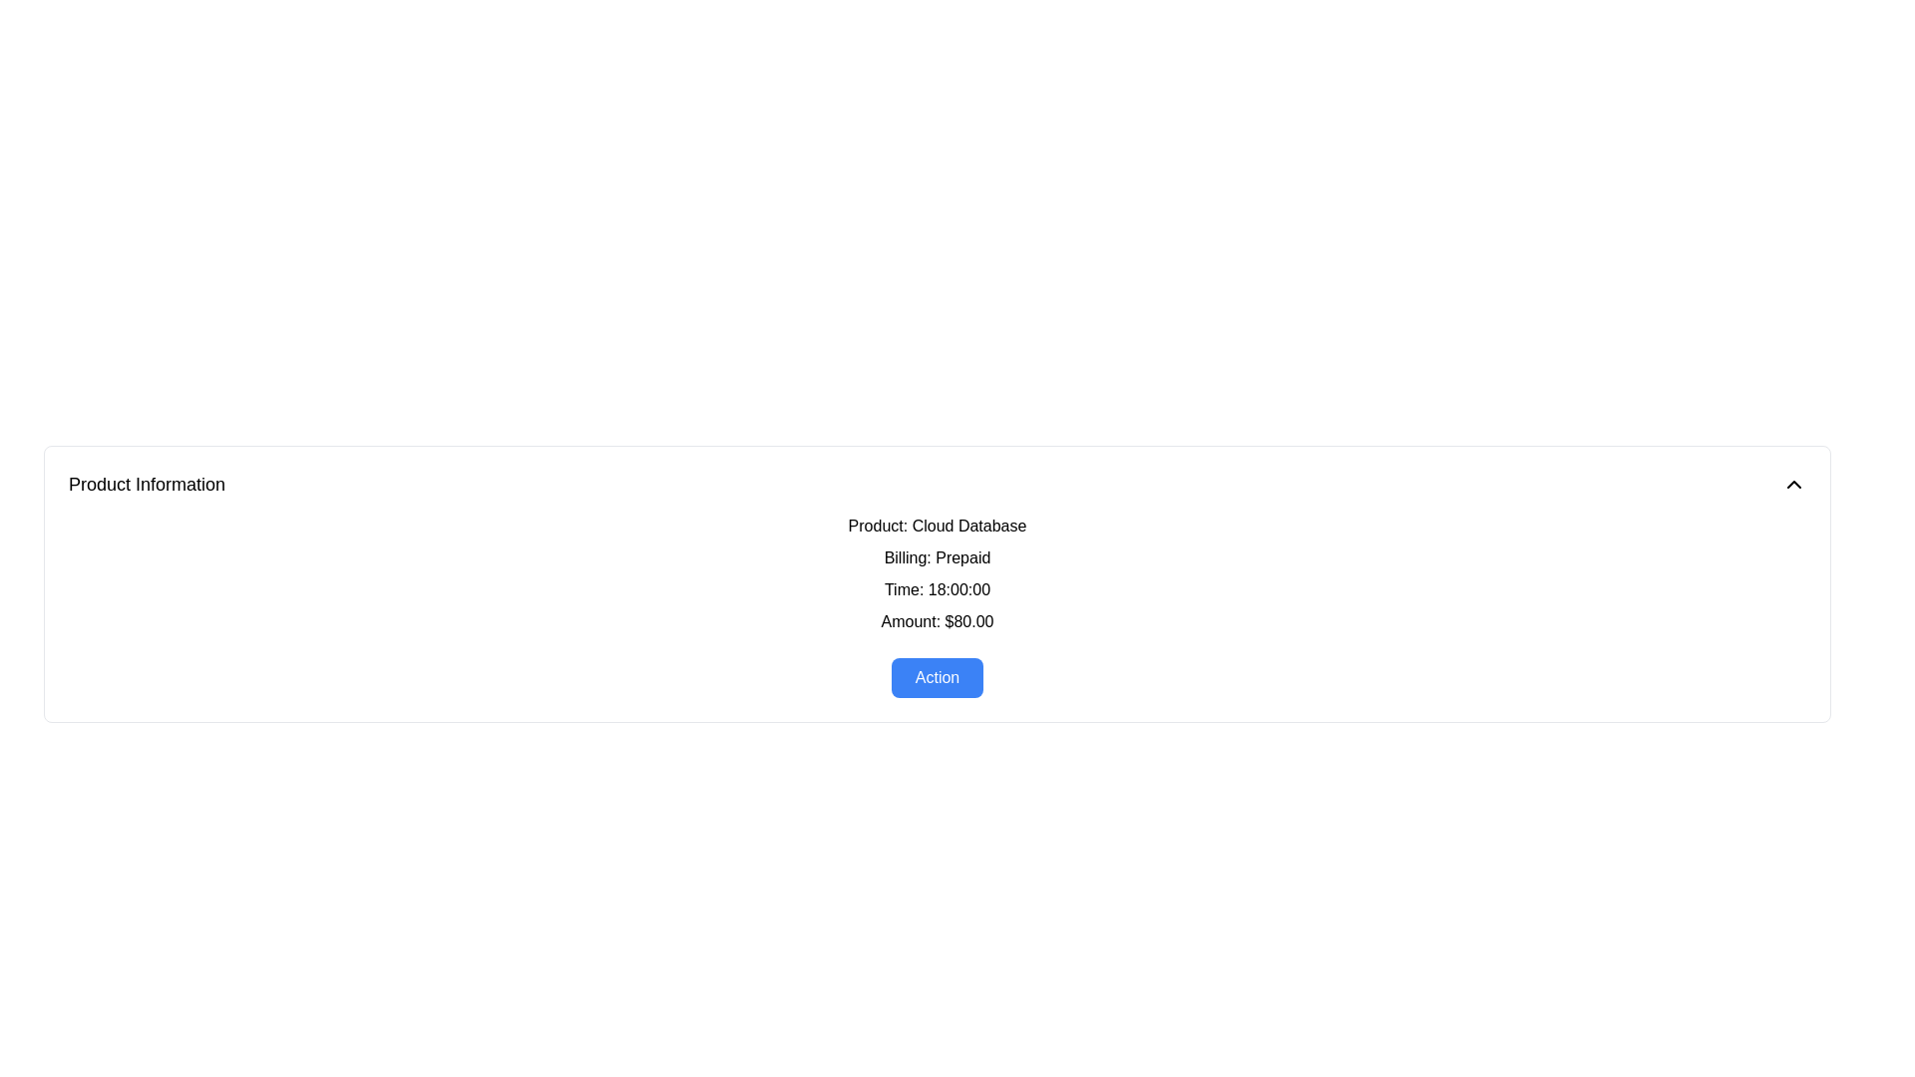 Image resolution: width=1915 pixels, height=1077 pixels. Describe the element at coordinates (878, 525) in the screenshot. I see `the text label displaying 'Product:' which is styled in medium-weight bold font and is positioned to the left of the 'Cloud Database' text` at that location.